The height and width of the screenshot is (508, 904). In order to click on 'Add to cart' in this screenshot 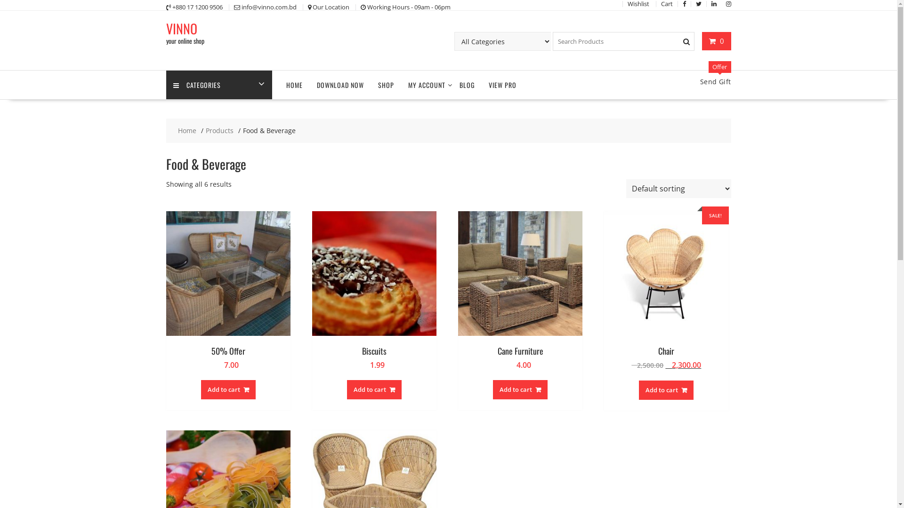, I will do `click(201, 389)`.